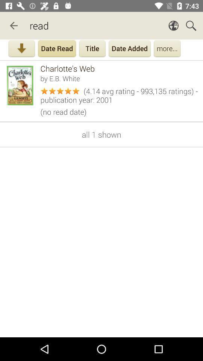  What do you see at coordinates (119, 68) in the screenshot?
I see `charlotte's web item` at bounding box center [119, 68].